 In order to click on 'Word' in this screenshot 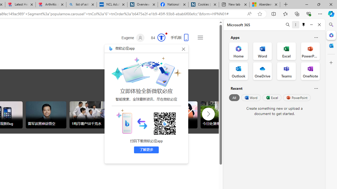, I will do `click(250, 98)`.